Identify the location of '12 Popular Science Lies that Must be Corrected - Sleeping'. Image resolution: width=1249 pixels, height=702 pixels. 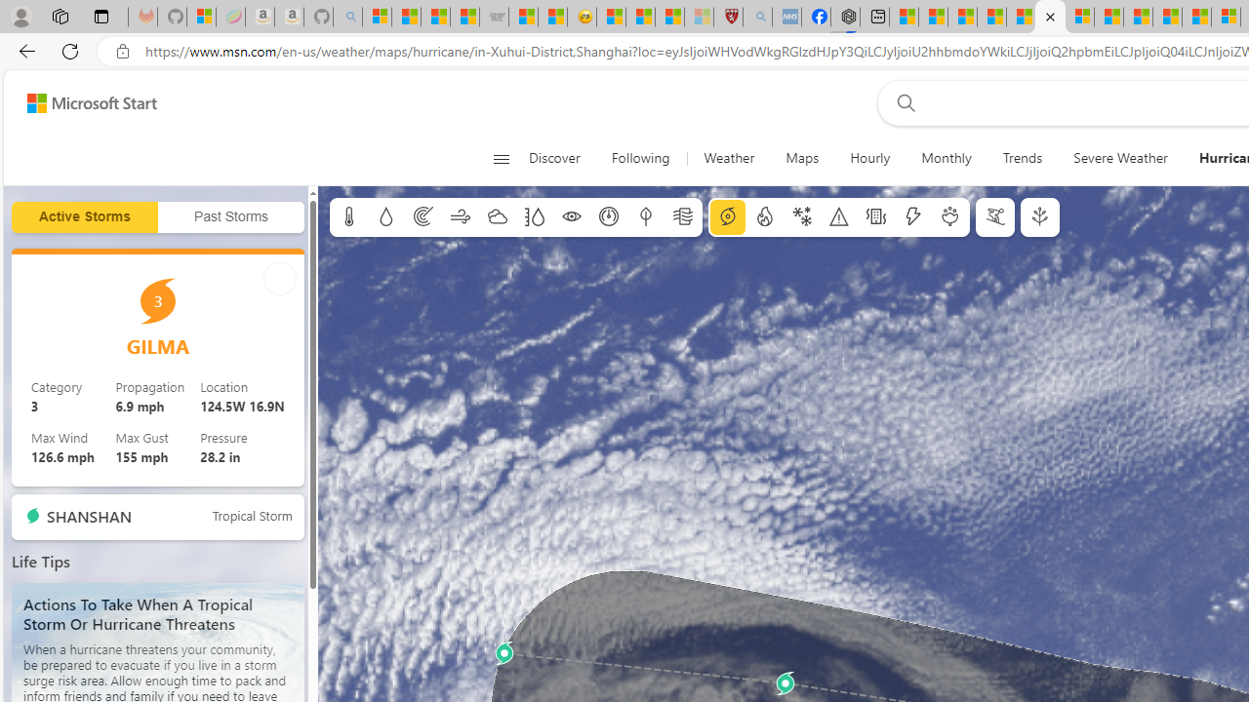
(699, 17).